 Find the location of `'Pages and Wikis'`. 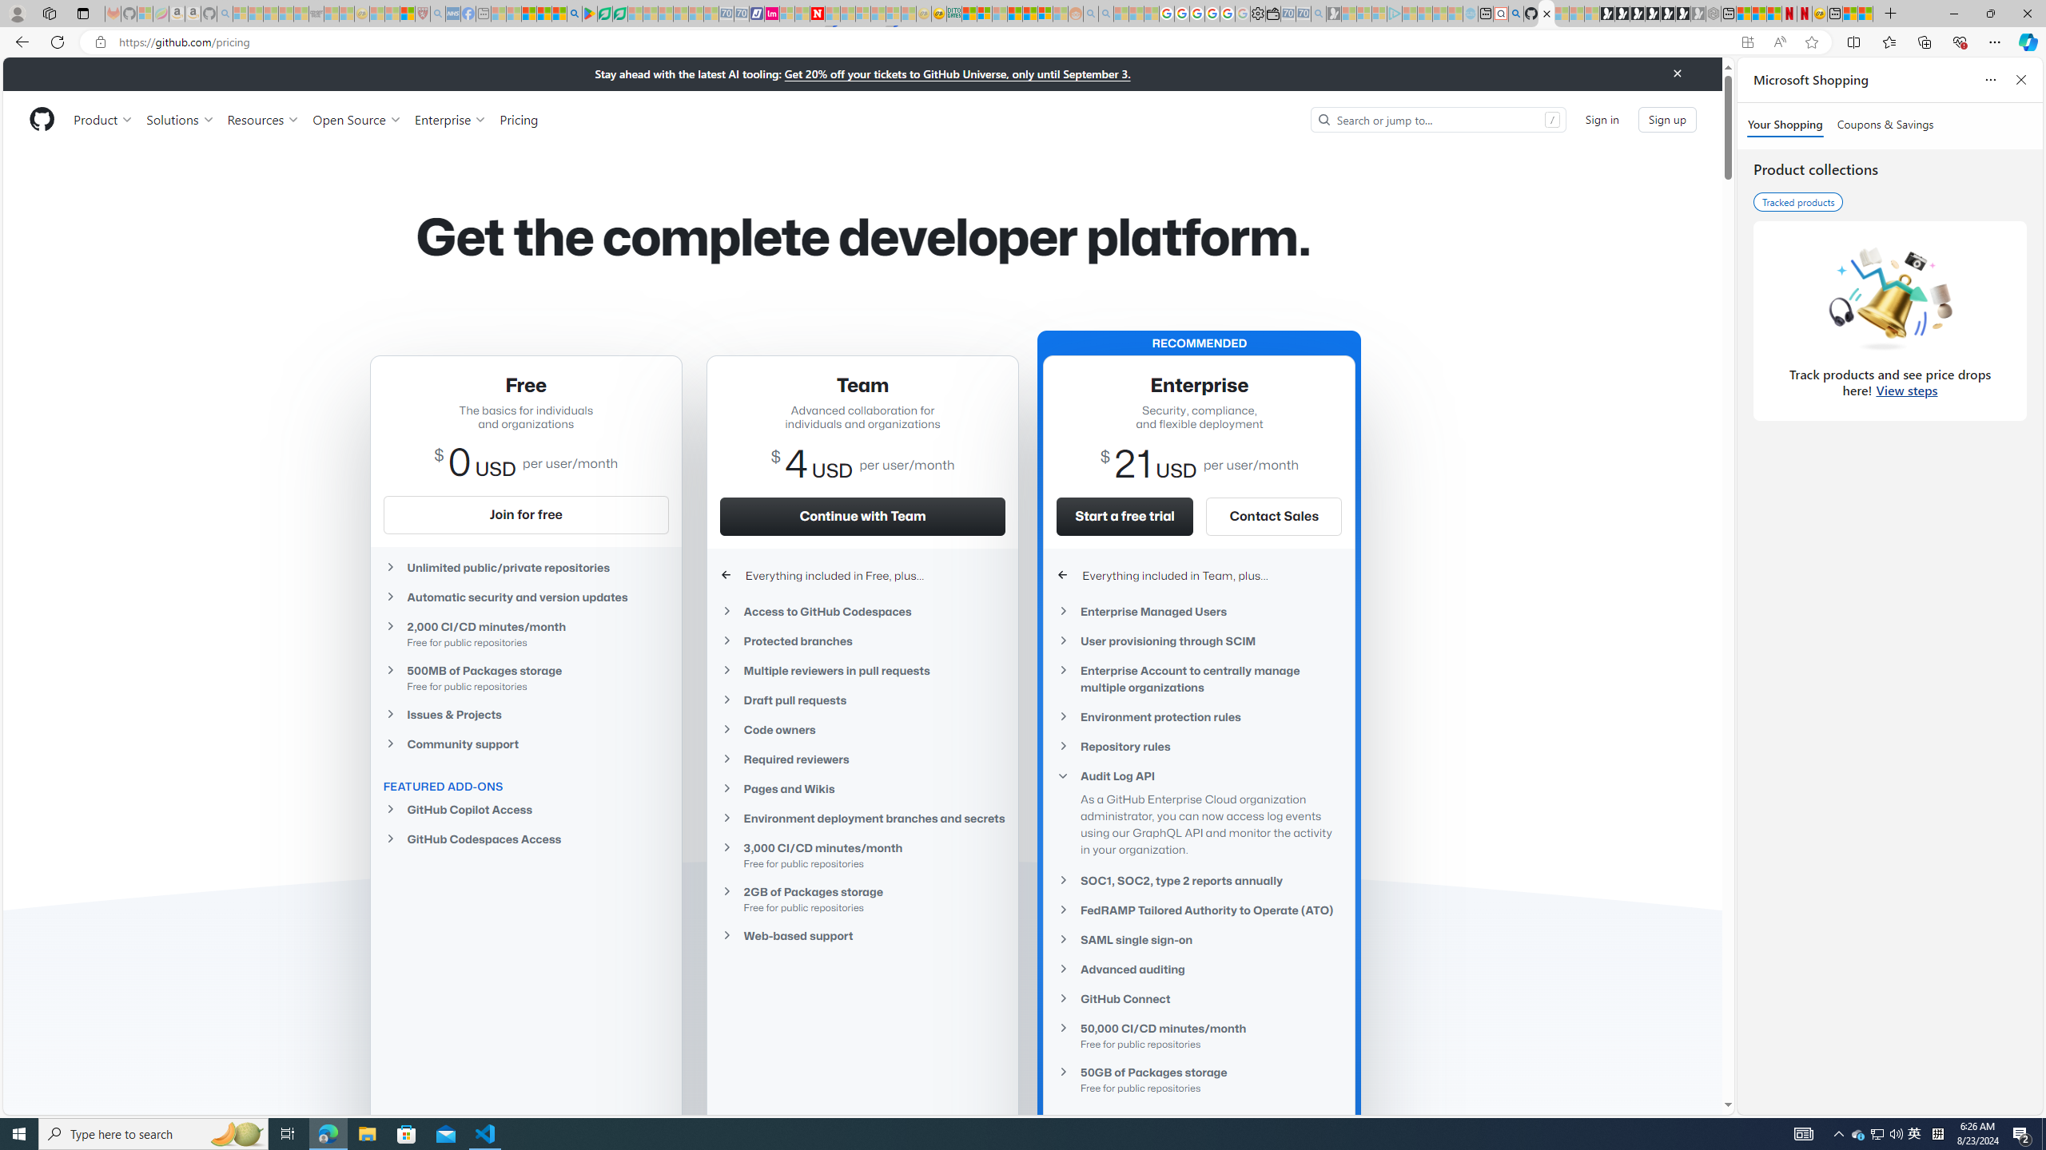

'Pages and Wikis' is located at coordinates (863, 788).